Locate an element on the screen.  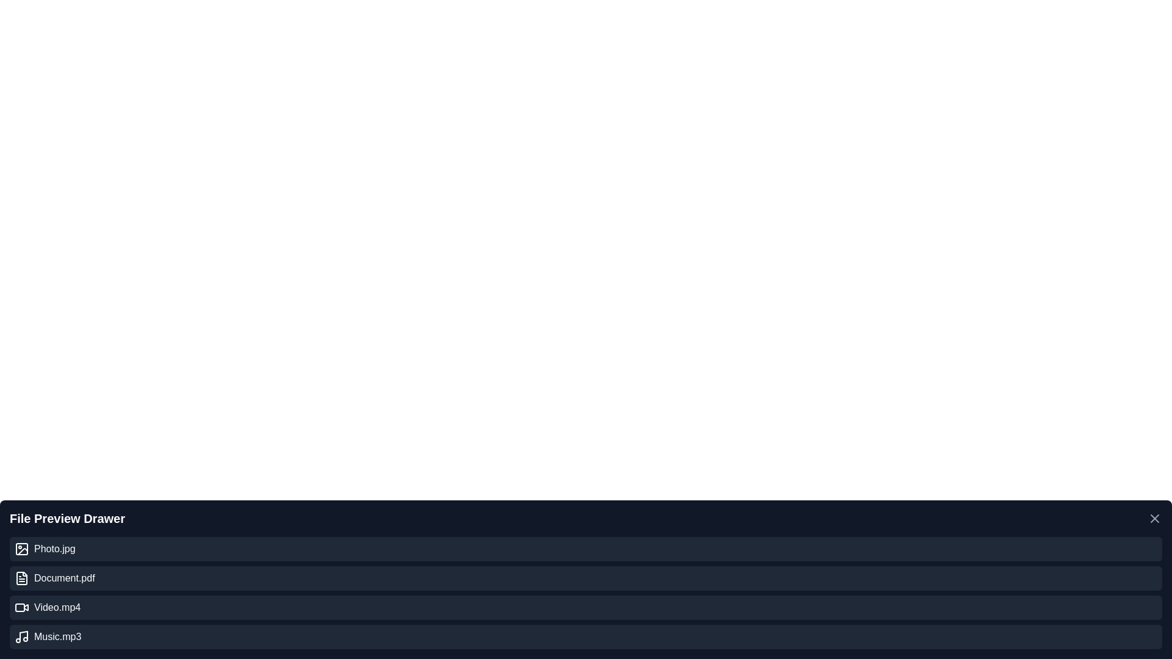
the right-side triangular play button icon of the media player symbol located near the text 'Video.mp4' in the file preview drawer is located at coordinates (26, 607).